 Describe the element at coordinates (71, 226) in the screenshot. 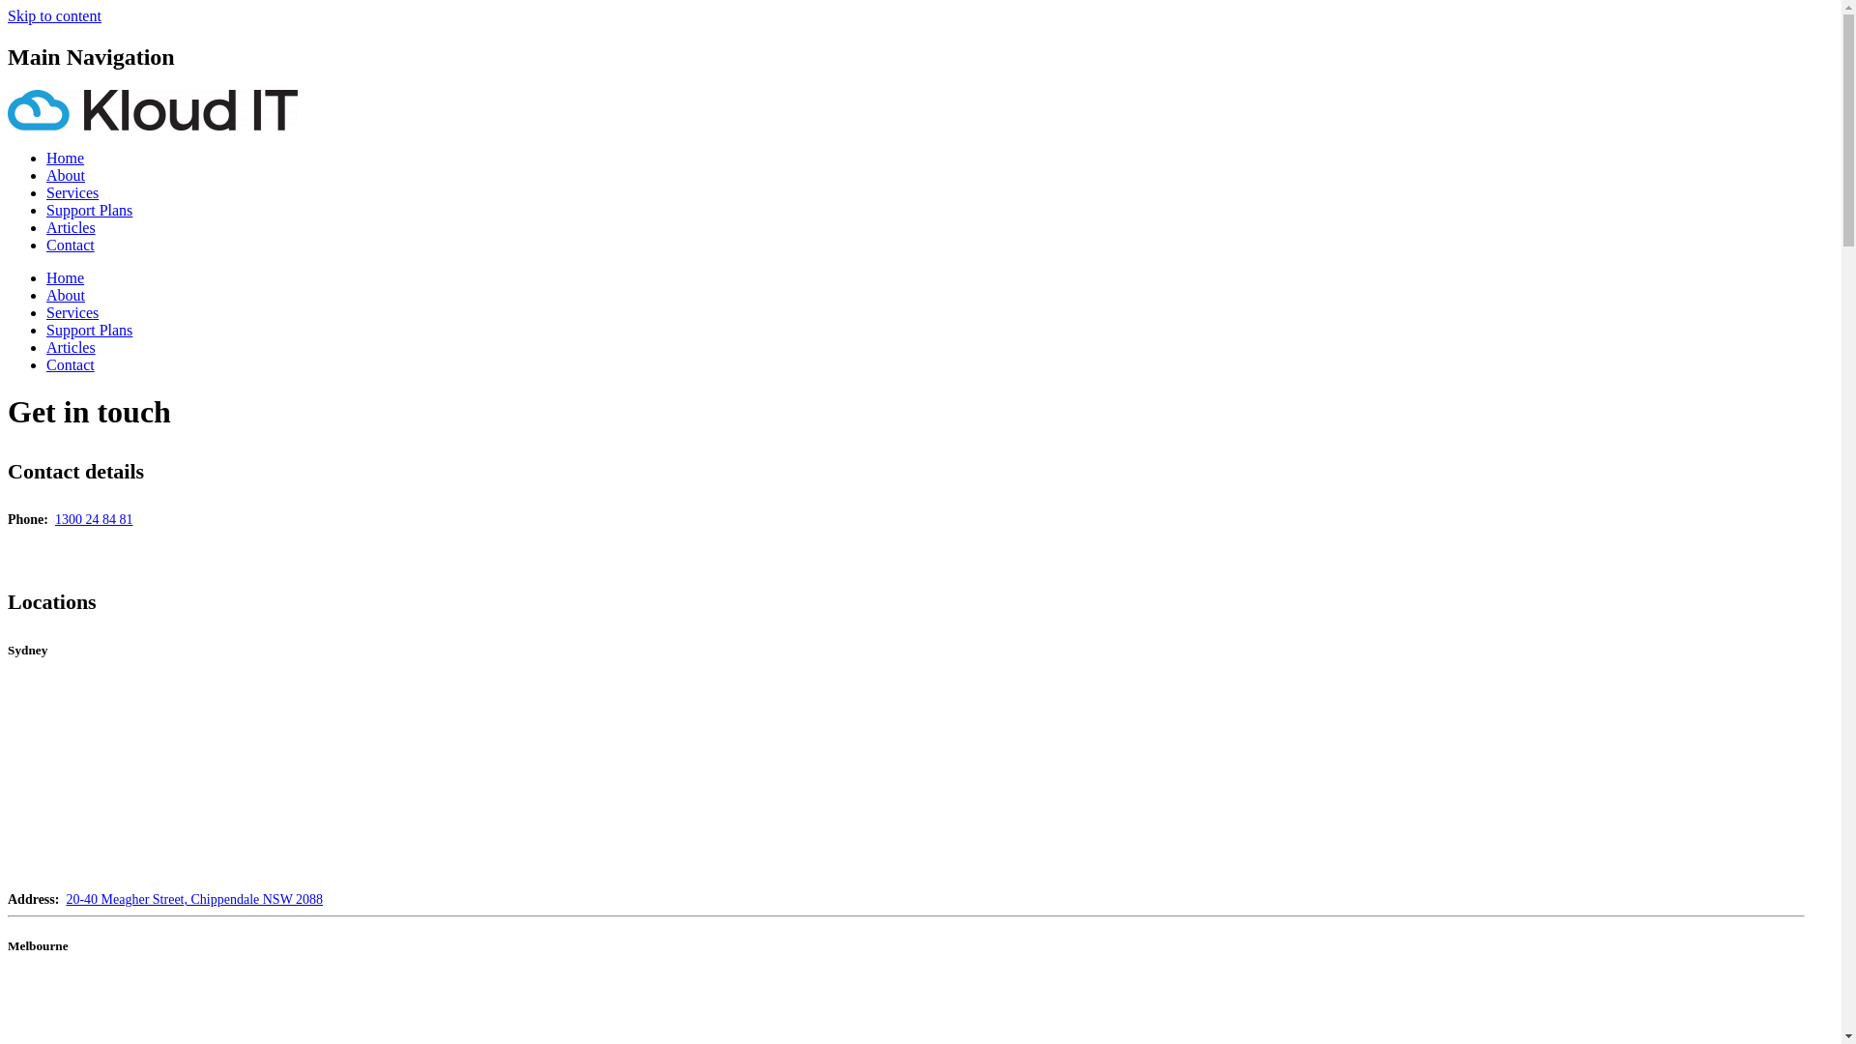

I see `'Articles'` at that location.